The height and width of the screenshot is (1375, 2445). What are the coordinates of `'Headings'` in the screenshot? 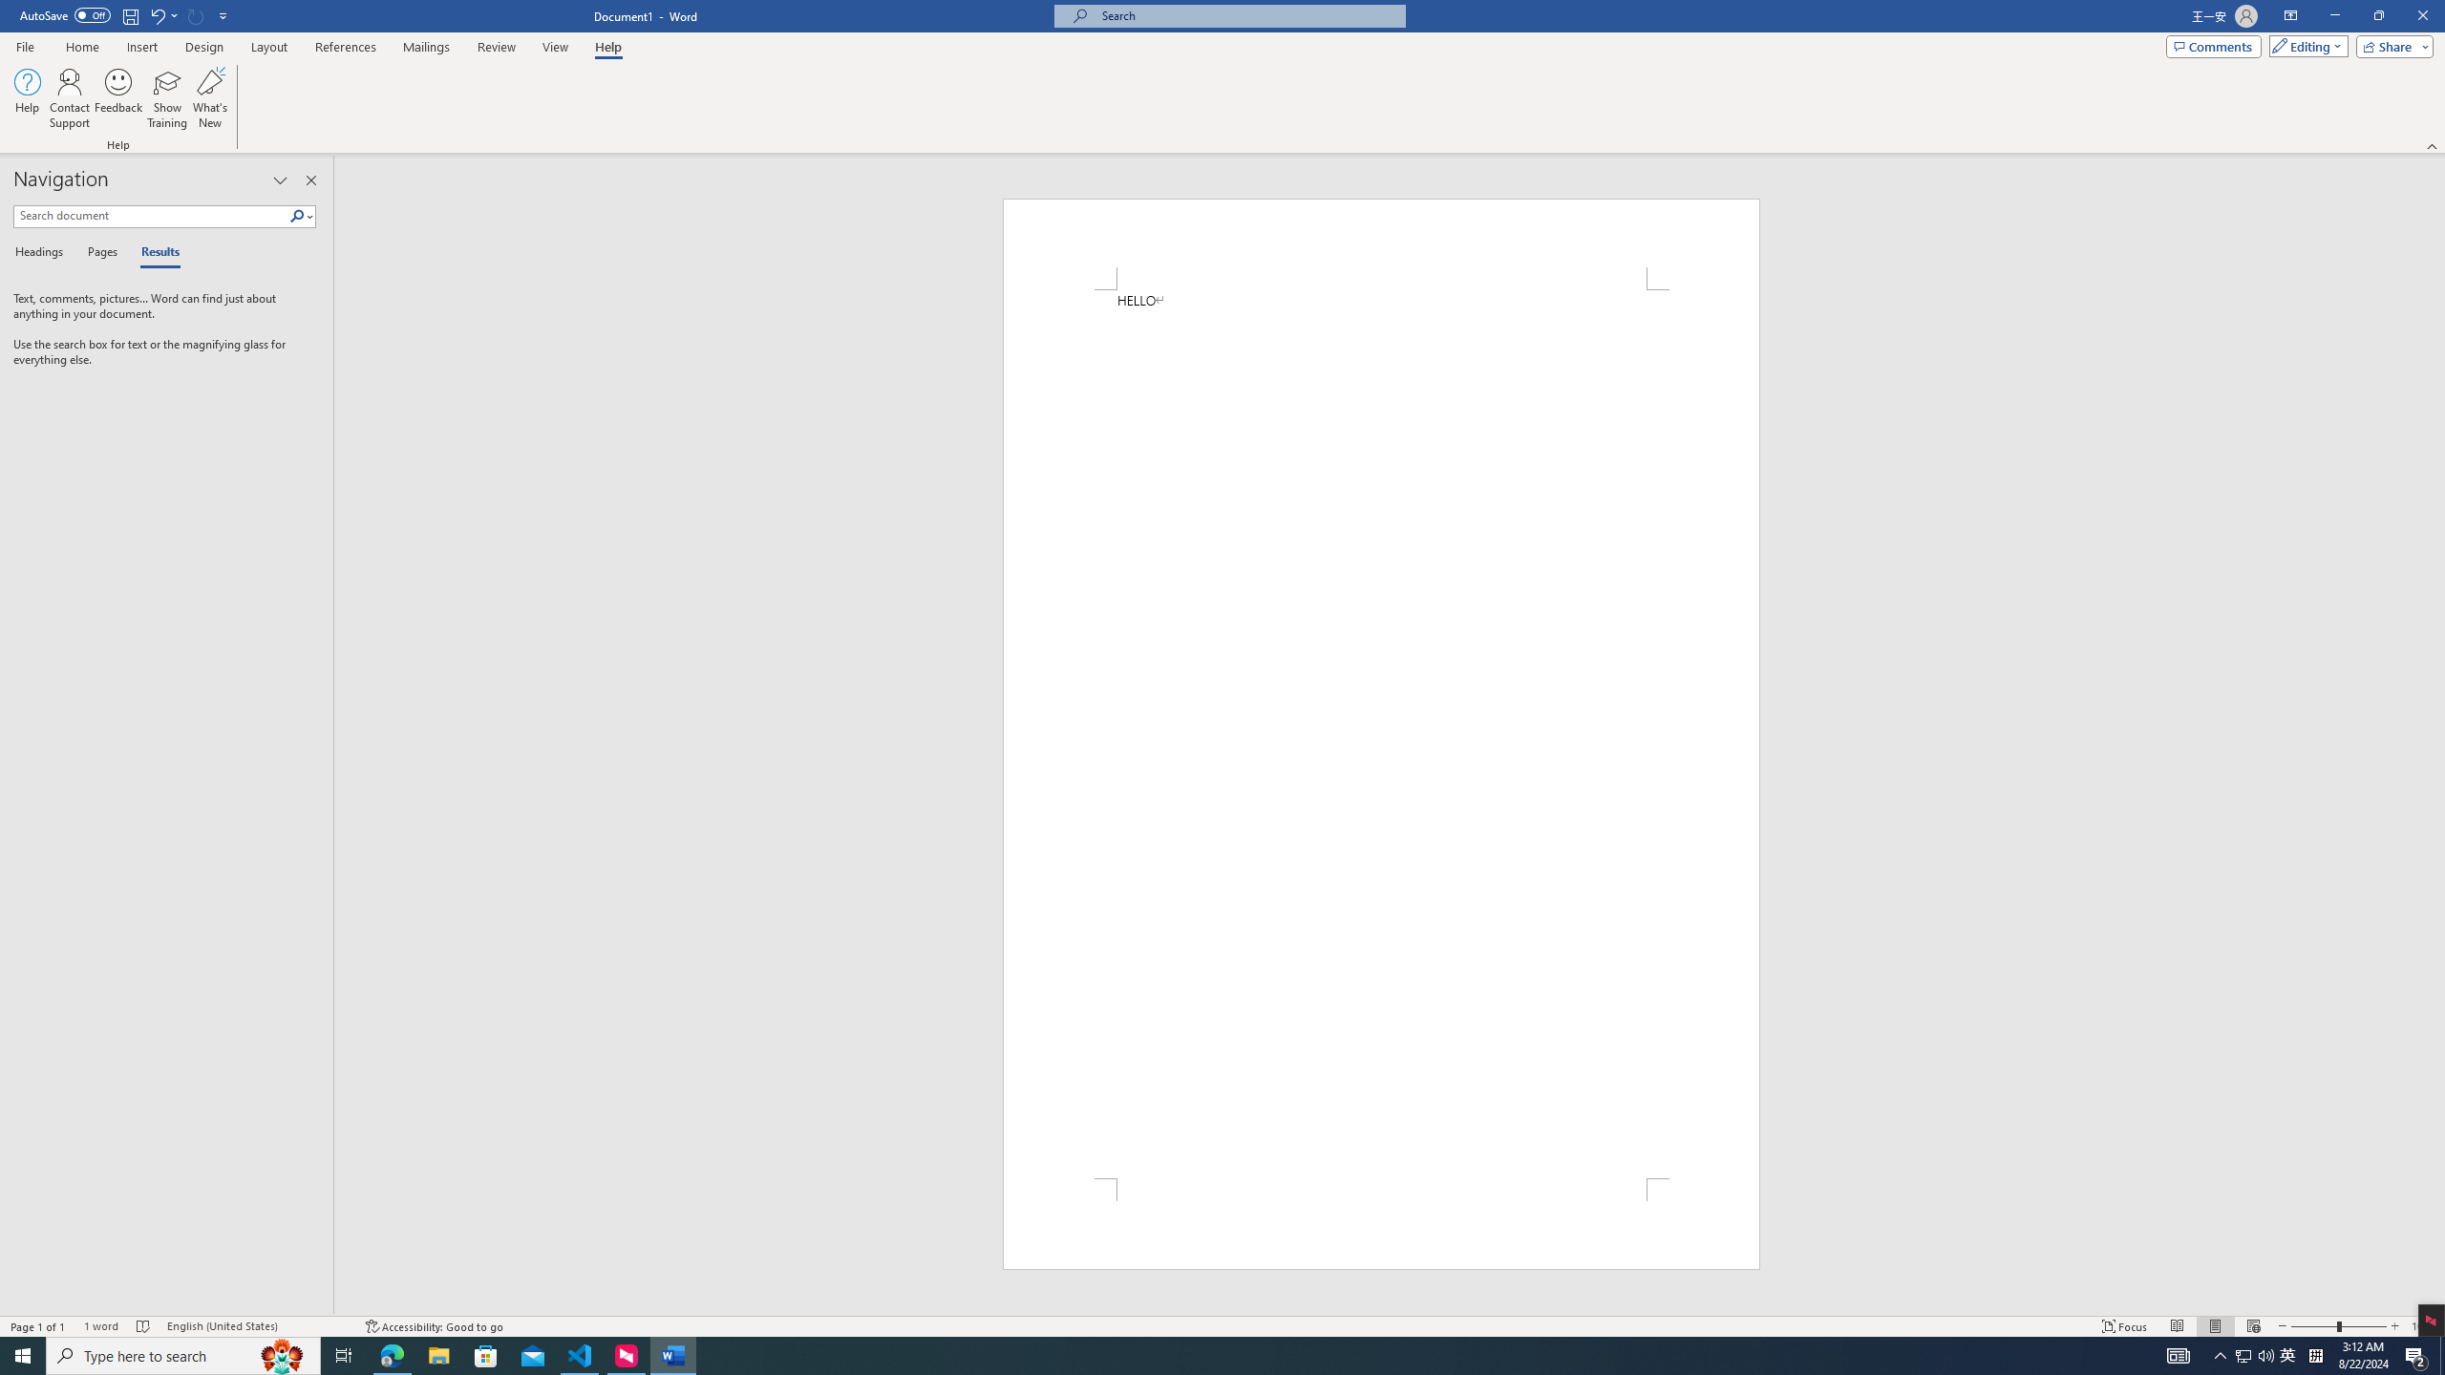 It's located at (42, 252).